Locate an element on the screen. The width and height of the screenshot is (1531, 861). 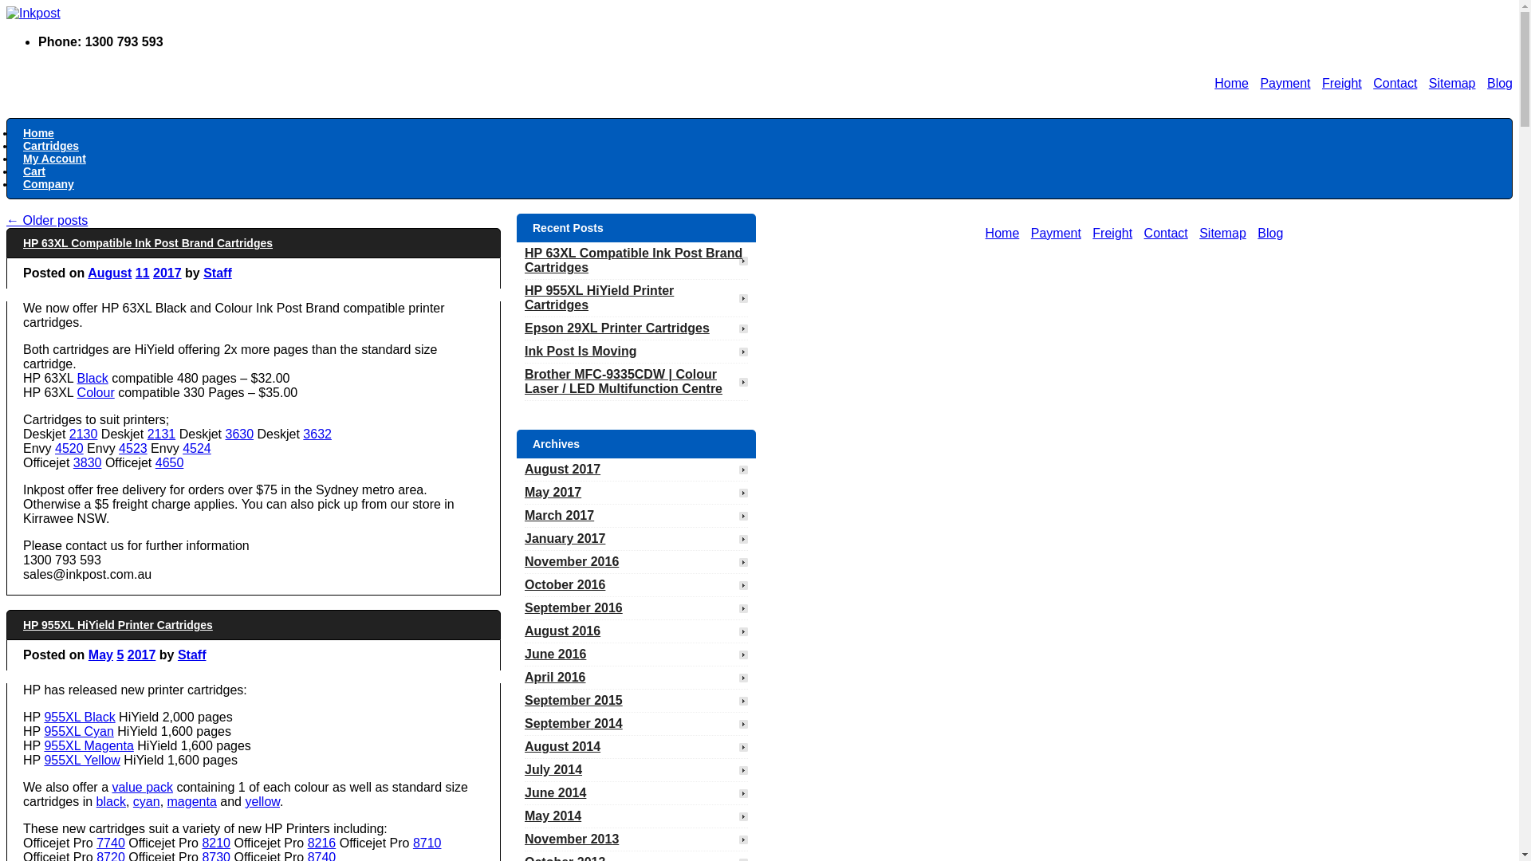
'September 2014' is located at coordinates (581, 723).